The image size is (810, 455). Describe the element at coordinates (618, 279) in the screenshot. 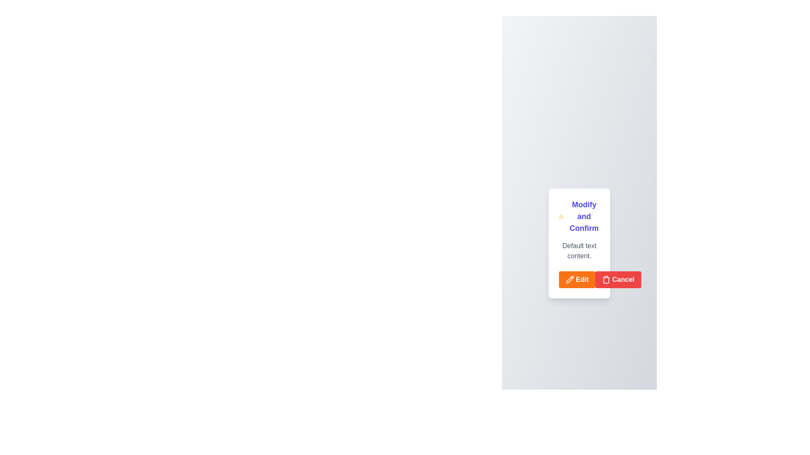

I see `the 'Cancel' button with a red background and white text for accessibility purposes` at that location.